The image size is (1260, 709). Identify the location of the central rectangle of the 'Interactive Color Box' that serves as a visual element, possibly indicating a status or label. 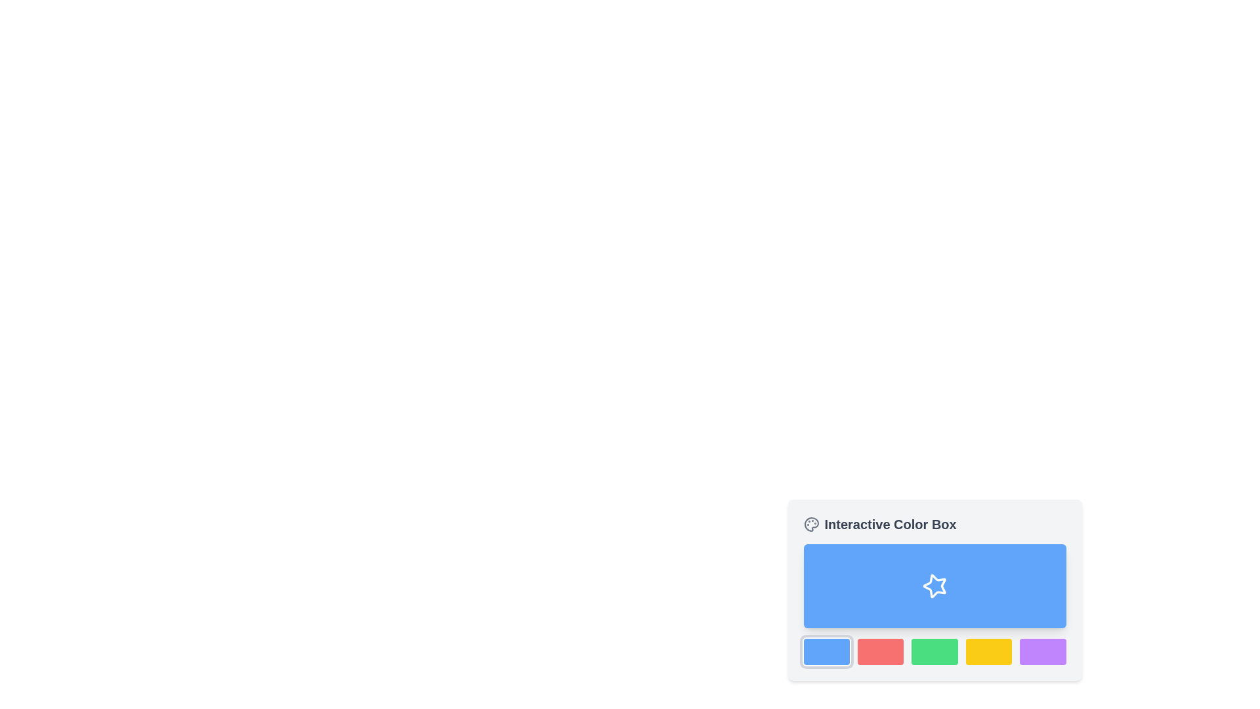
(934, 586).